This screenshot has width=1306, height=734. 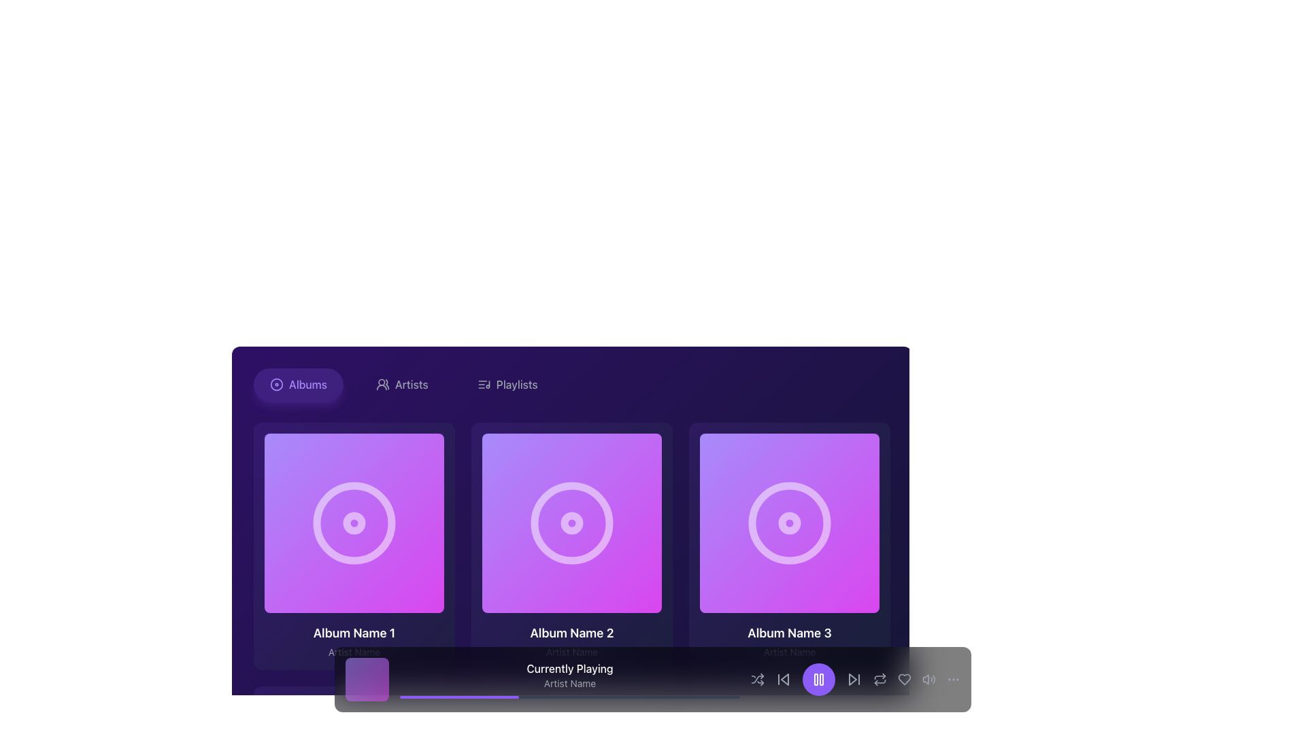 What do you see at coordinates (571, 523) in the screenshot?
I see `the play action icon located in the center of the second card in a horizontally arranged grid of three cards` at bounding box center [571, 523].